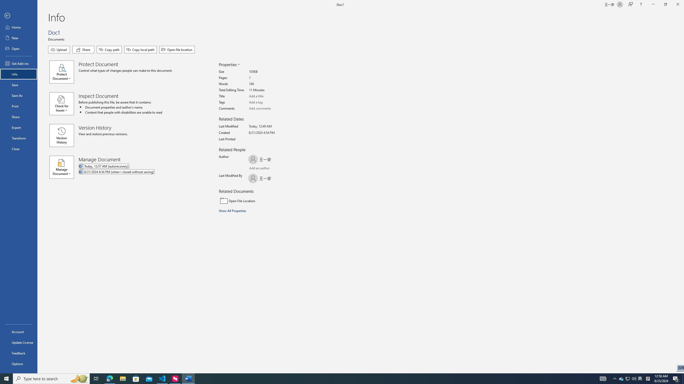 The height and width of the screenshot is (384, 684). What do you see at coordinates (56, 39) in the screenshot?
I see `'Documents'` at bounding box center [56, 39].